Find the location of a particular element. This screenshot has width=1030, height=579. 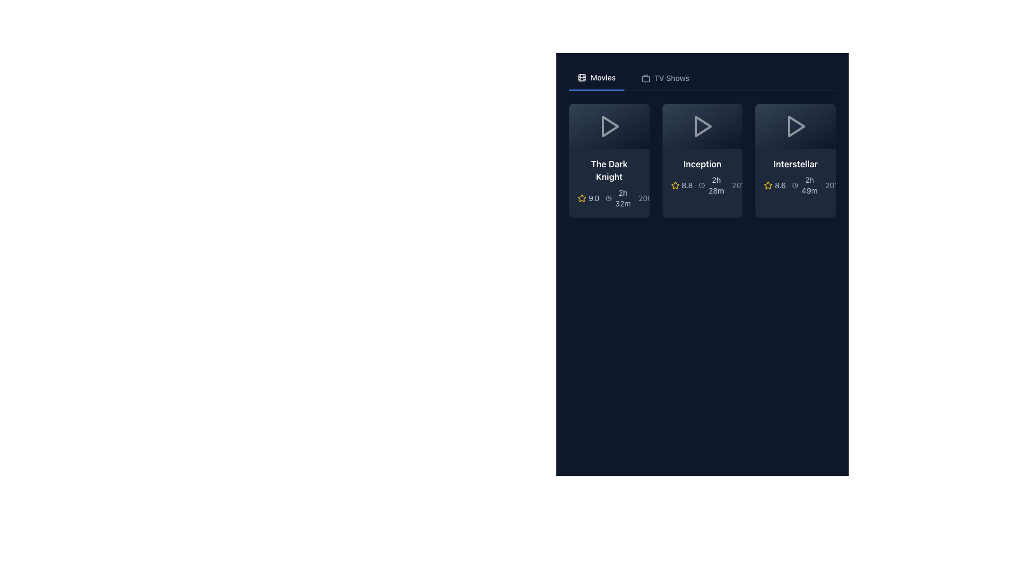

the 'TV Shows' button, which is a horizontally aligned button with a television icon and text is located at coordinates (665, 78).